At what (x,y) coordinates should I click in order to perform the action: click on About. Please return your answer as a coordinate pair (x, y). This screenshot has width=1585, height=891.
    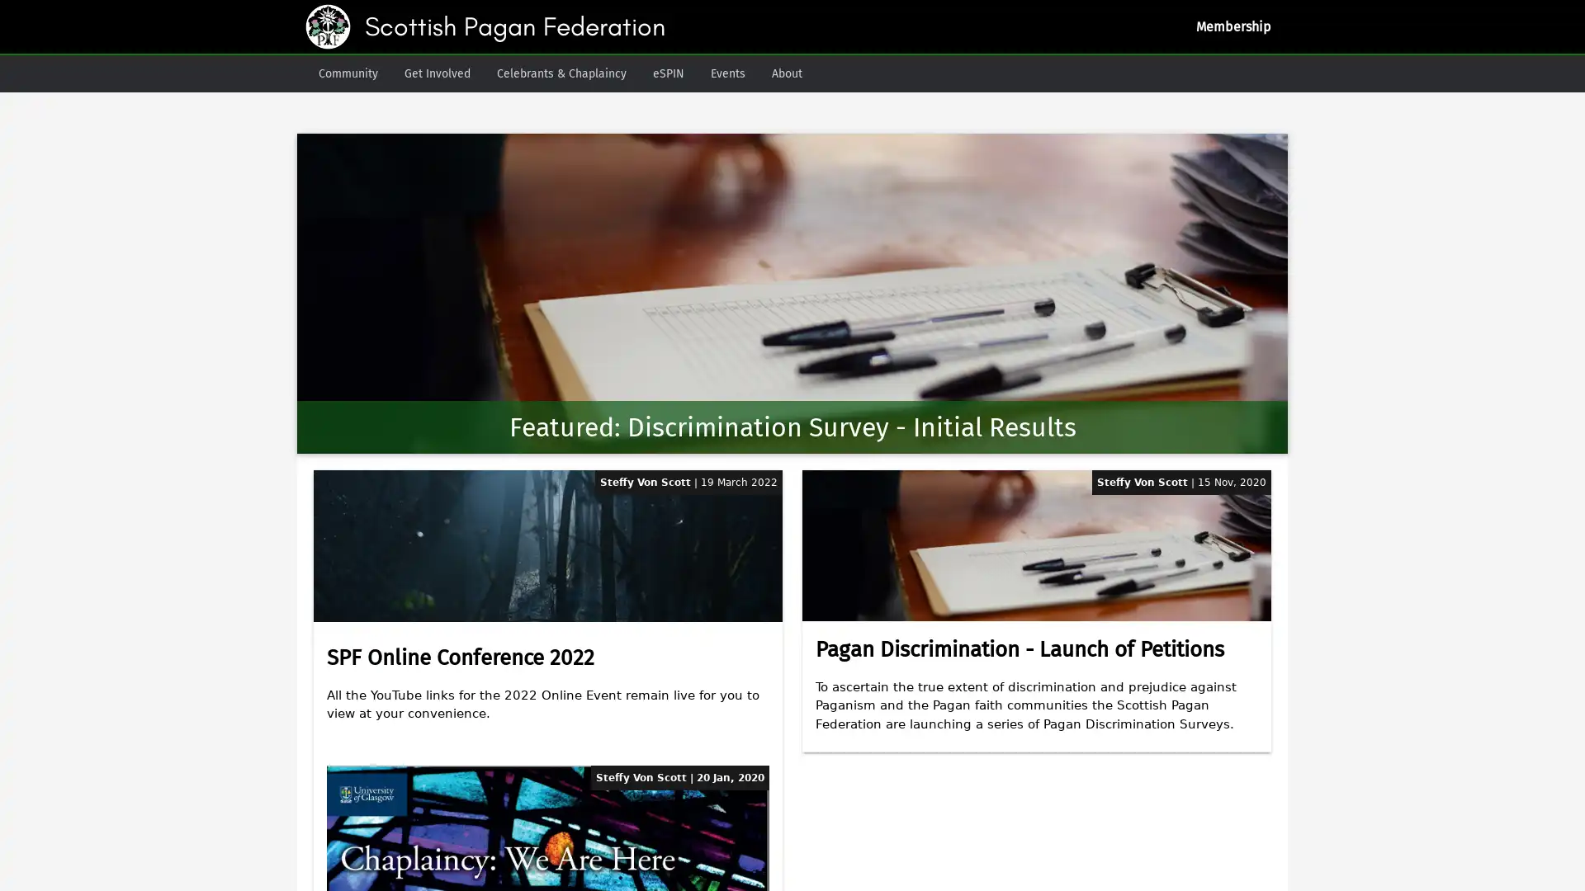
    Looking at the image, I should click on (786, 73).